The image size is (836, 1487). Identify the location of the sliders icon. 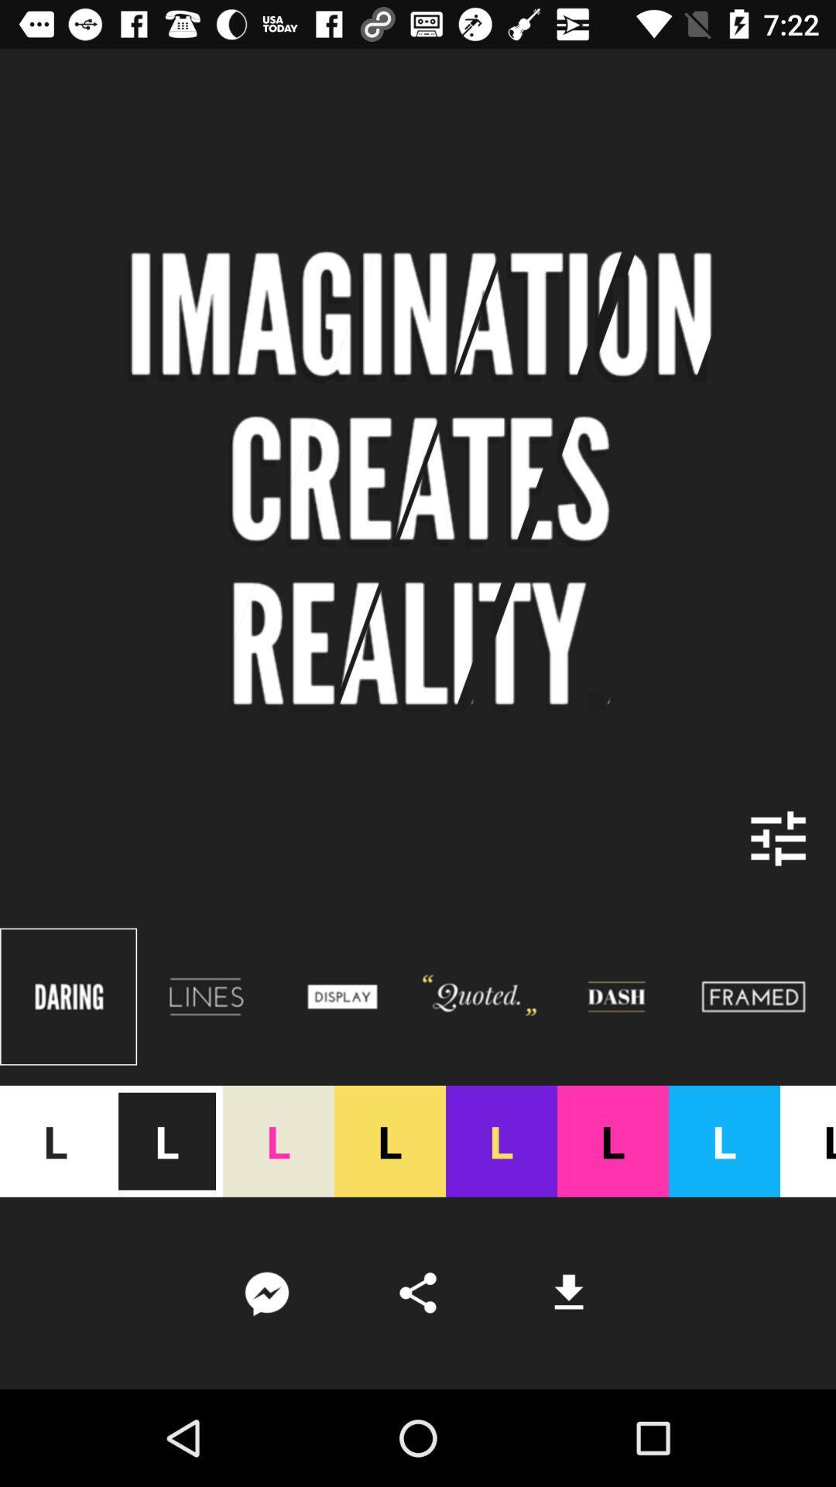
(779, 838).